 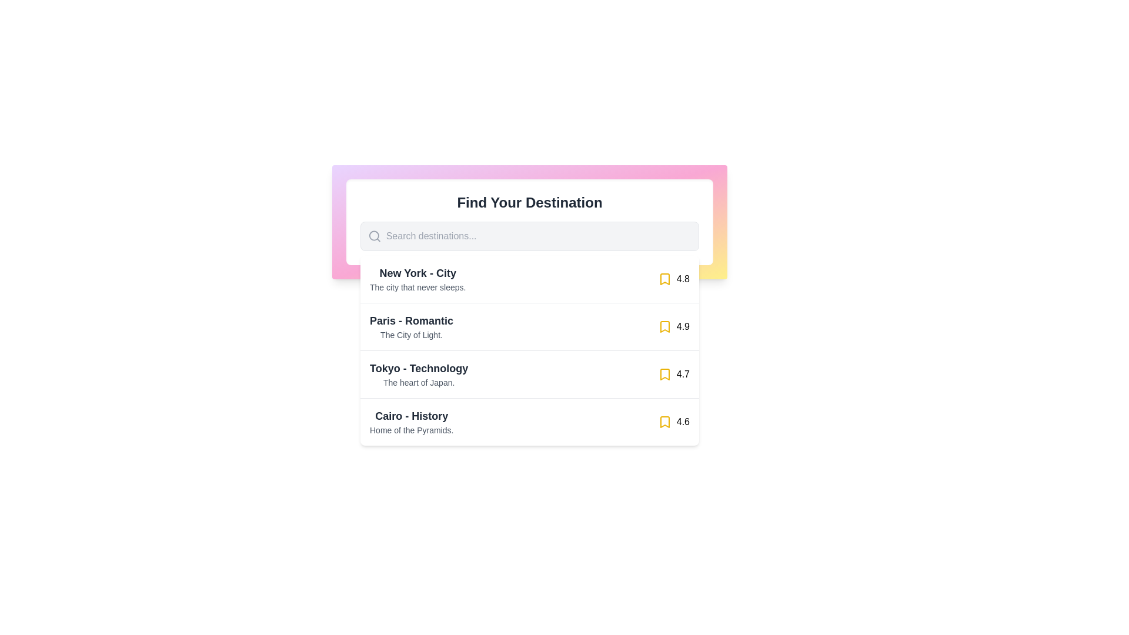 I want to click on the yellow bookmark icon at the end of the list item for 'New York - City', so click(x=664, y=279).